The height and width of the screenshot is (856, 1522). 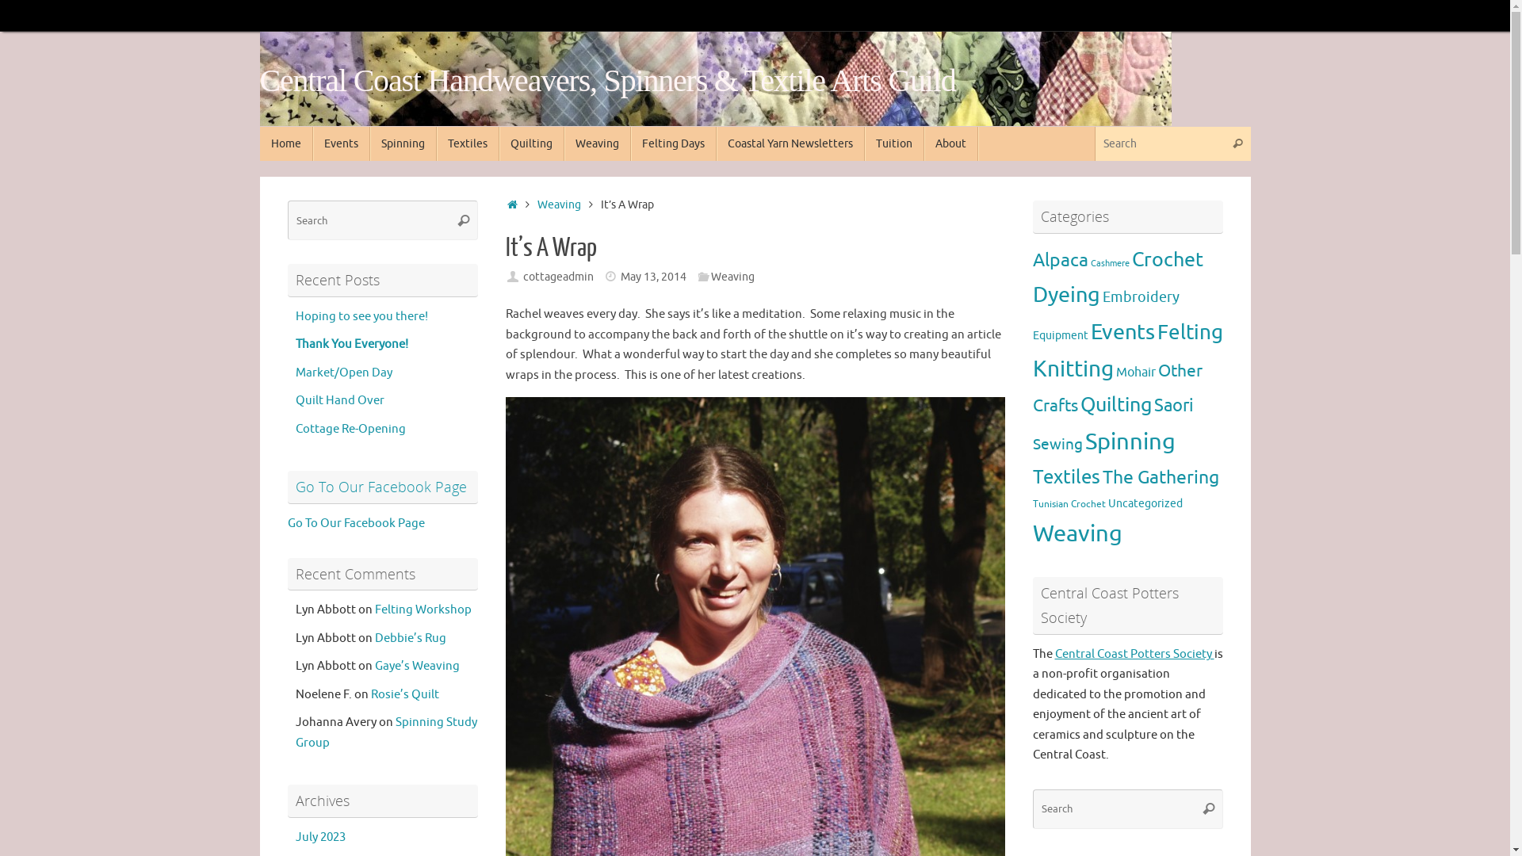 I want to click on 'Thank You Everyone!', so click(x=350, y=343).